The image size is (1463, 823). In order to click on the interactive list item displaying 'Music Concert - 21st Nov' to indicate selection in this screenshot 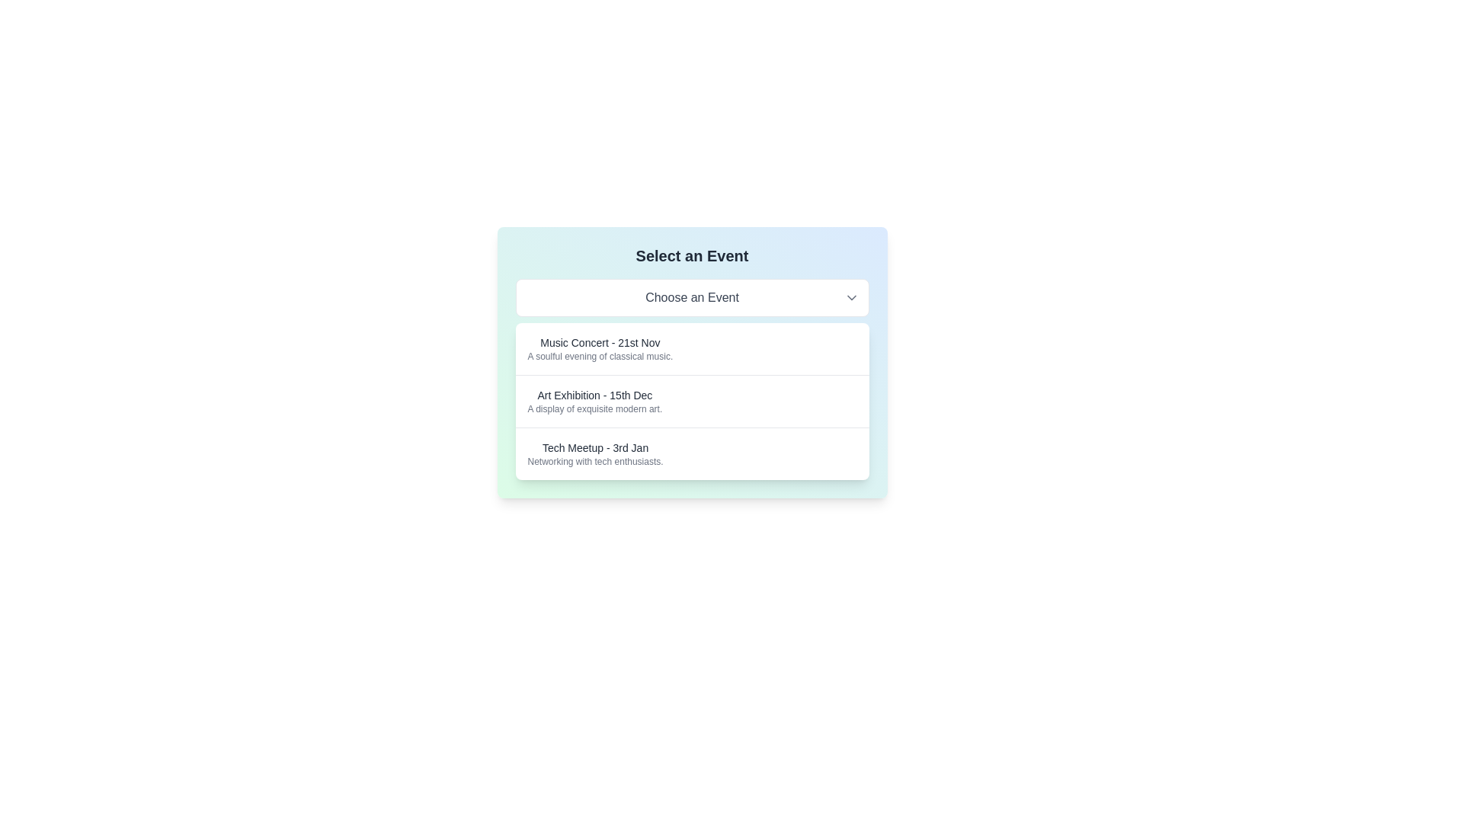, I will do `click(691, 349)`.